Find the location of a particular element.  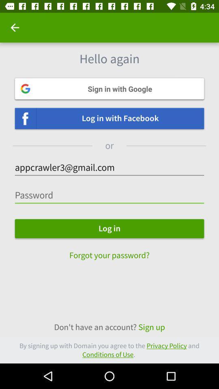

item above by signing up icon is located at coordinates (109, 327).